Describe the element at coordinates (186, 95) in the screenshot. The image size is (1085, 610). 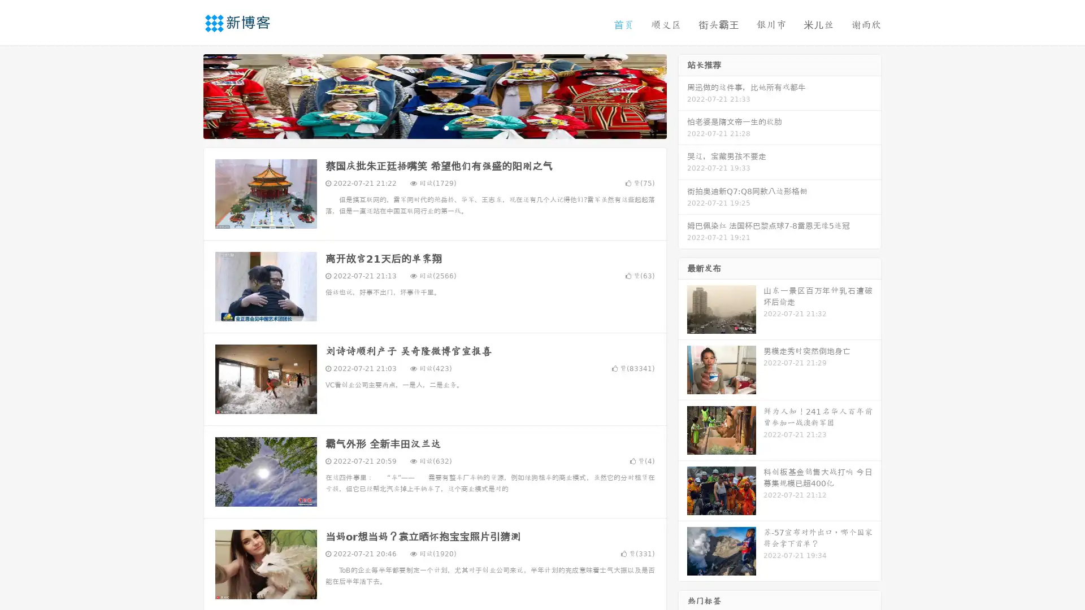
I see `Previous slide` at that location.